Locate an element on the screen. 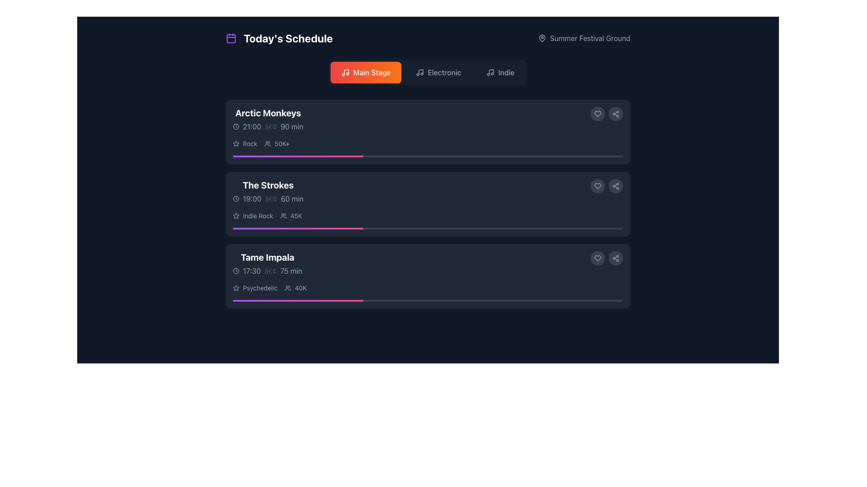 The height and width of the screenshot is (487, 867). the visual separator element that enhances readability between the text '19:00' and '60 min' is located at coordinates (270, 198).